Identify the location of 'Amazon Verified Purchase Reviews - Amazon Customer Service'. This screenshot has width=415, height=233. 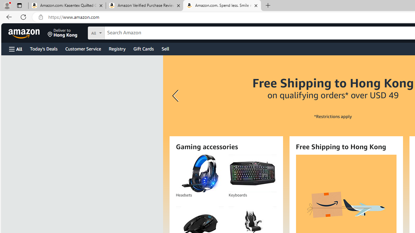
(144, 6).